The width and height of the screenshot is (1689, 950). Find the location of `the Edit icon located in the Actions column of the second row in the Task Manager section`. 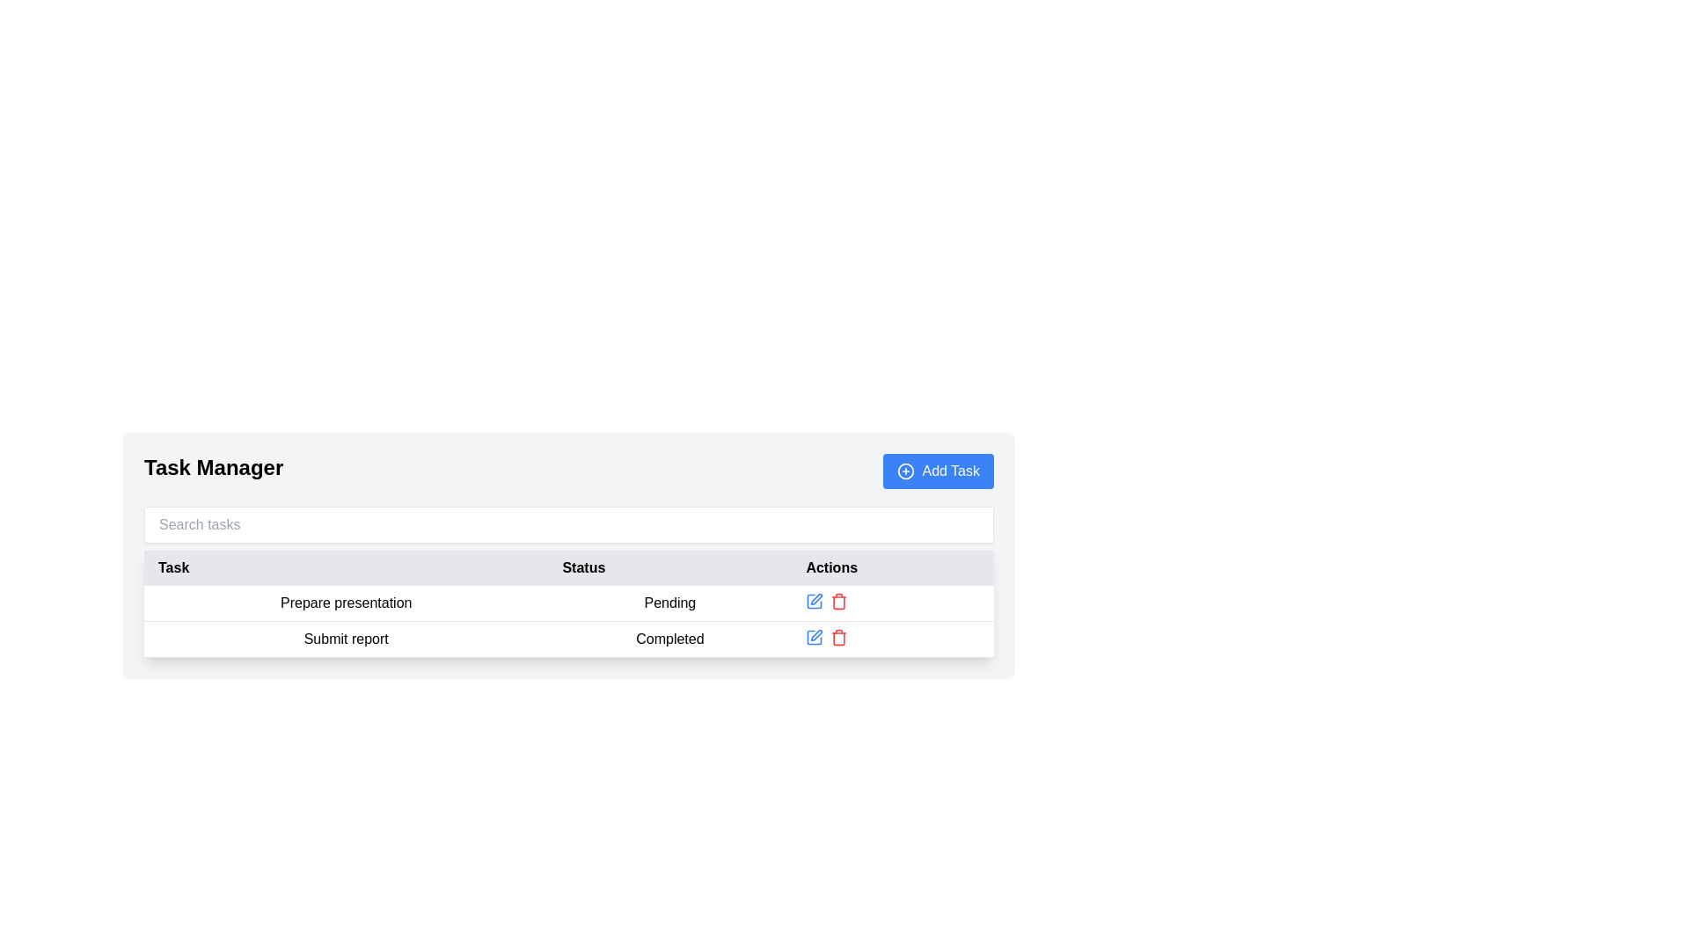

the Edit icon located in the Actions column of the second row in the Task Manager section is located at coordinates (815, 598).